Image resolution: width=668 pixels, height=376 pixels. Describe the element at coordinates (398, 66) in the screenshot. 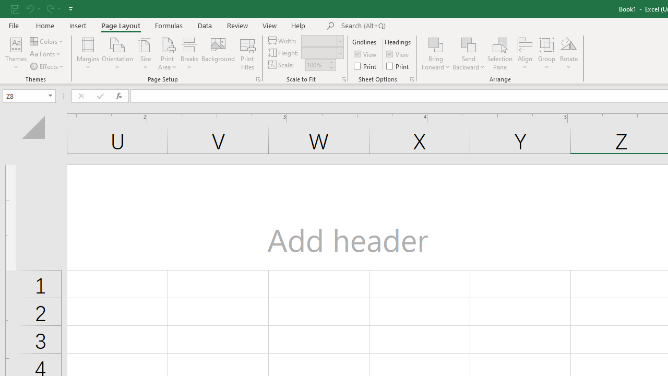

I see `'Print'` at that location.